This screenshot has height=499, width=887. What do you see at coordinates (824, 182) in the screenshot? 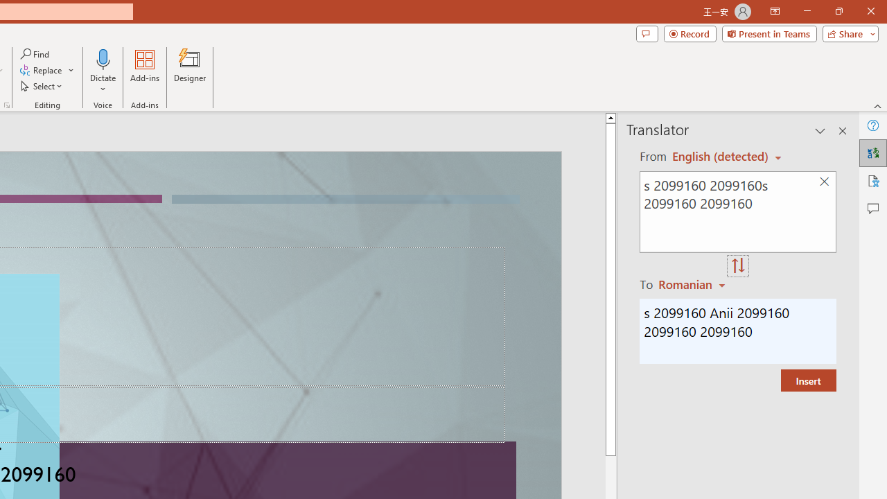
I see `'Clear text'` at bounding box center [824, 182].